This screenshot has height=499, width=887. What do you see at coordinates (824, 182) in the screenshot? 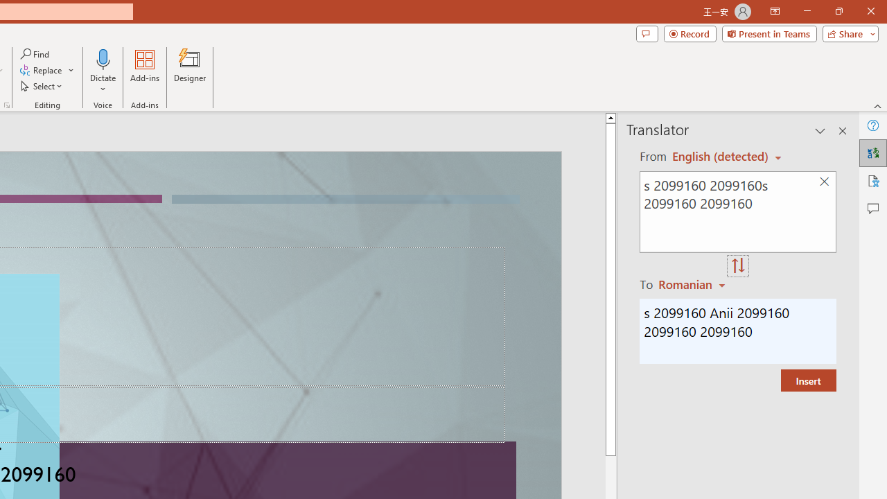
I see `'Clear text'` at bounding box center [824, 182].